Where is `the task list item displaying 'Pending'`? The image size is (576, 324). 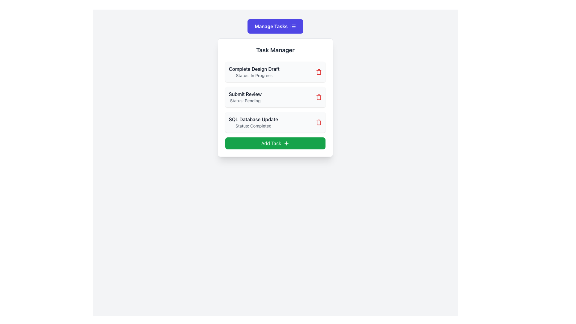 the task list item displaying 'Pending' is located at coordinates (275, 97).